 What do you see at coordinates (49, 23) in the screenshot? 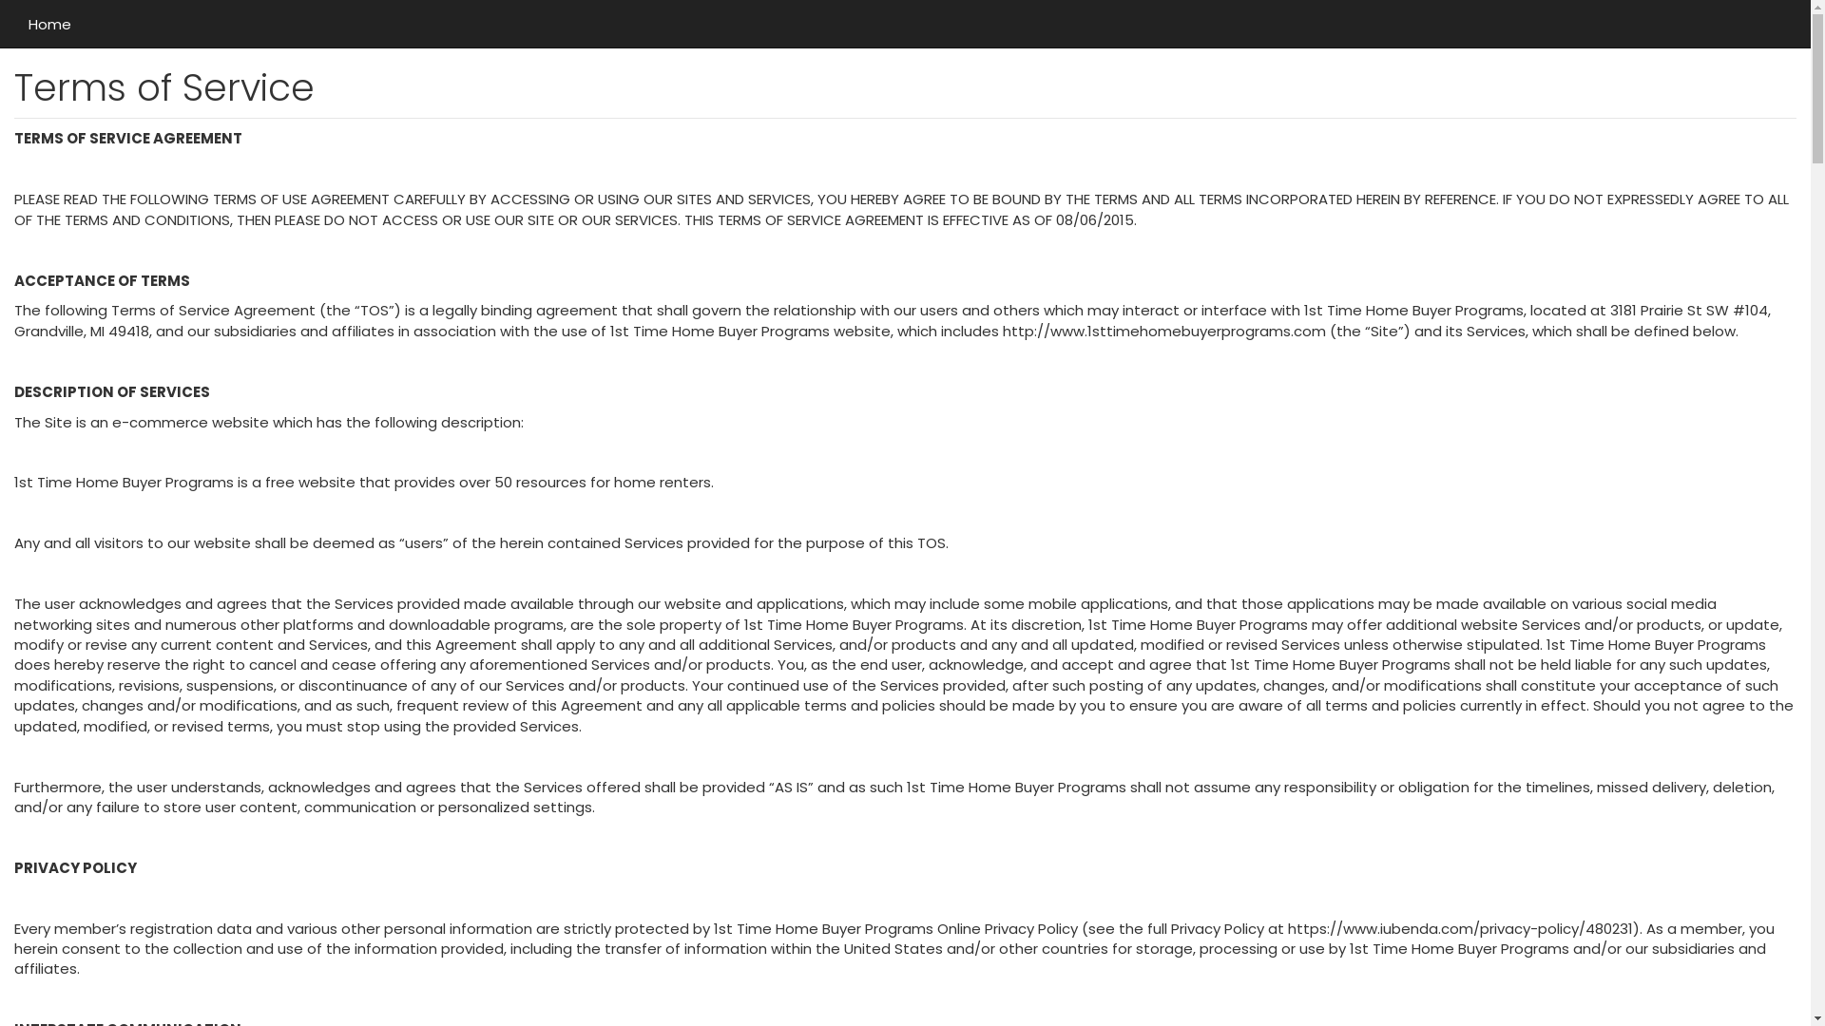
I see `'Home'` at bounding box center [49, 23].